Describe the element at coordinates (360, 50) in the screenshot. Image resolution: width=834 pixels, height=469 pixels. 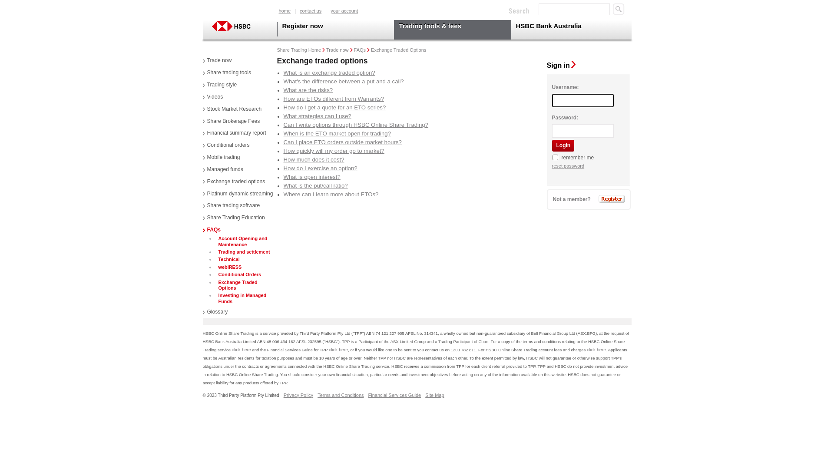
I see `'FAQs'` at that location.